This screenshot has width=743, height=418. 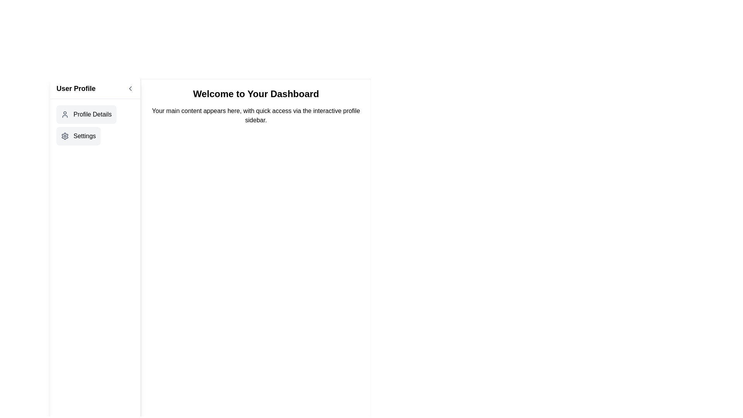 I want to click on the 'Profile Details' label located on the left sidebar beneath the 'User Profile' heading, so click(x=92, y=115).